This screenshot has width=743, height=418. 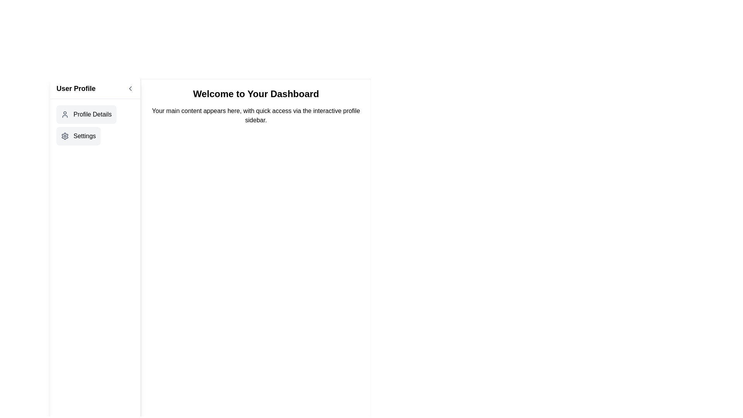 I want to click on the 'Profile Details' label located on the left sidebar beneath the 'User Profile' heading, so click(x=92, y=115).